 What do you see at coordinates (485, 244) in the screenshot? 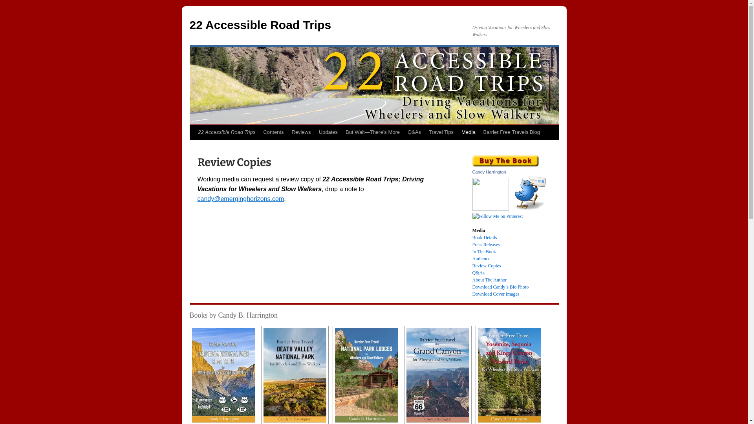
I see `'Press Releases'` at bounding box center [485, 244].